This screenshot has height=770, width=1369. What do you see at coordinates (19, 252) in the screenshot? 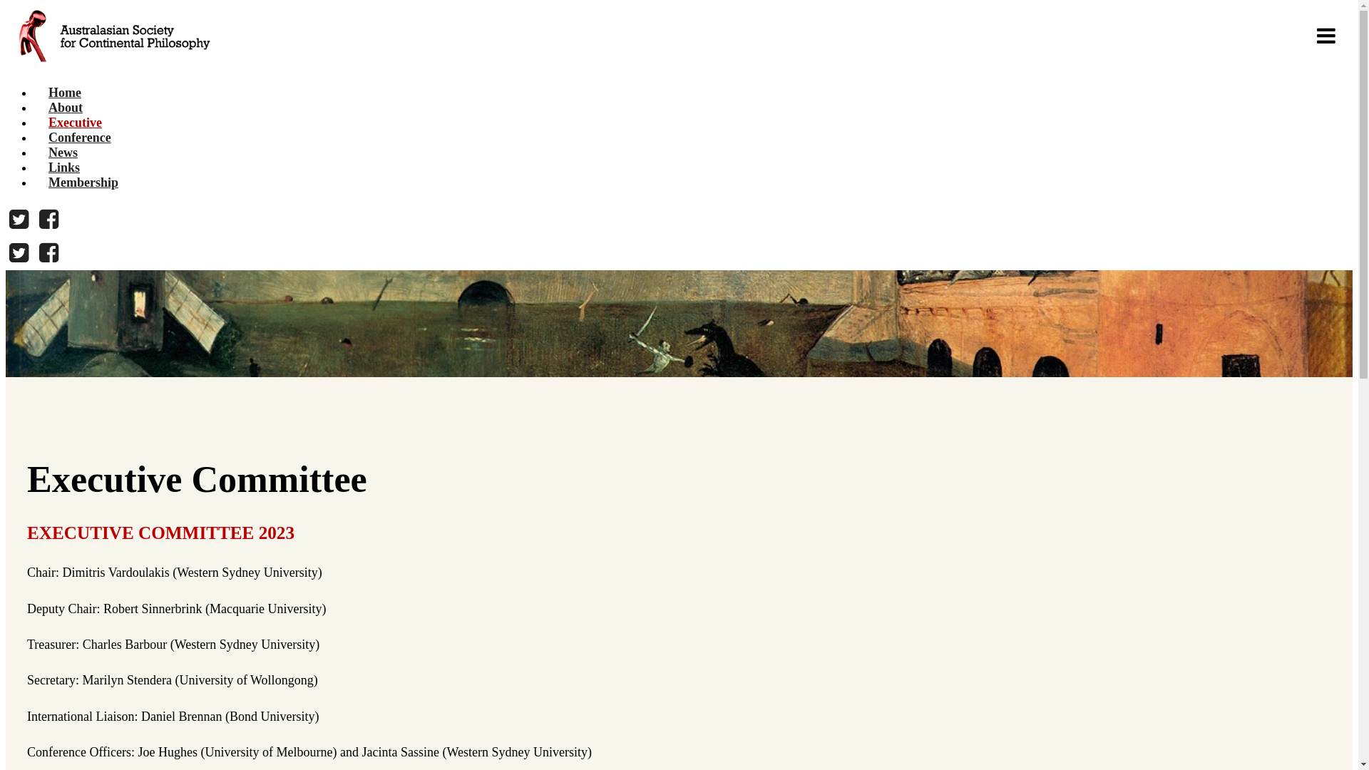
I see `'ASCP Twitter'` at bounding box center [19, 252].